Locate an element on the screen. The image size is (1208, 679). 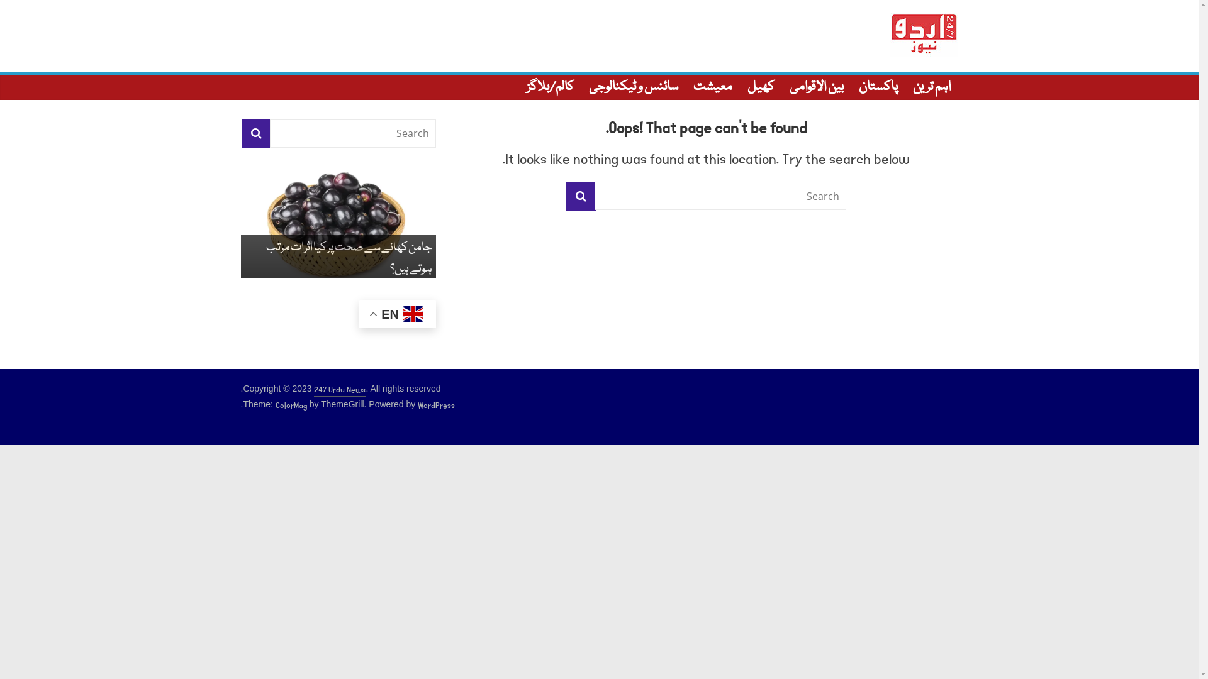
'WordPress' is located at coordinates (436, 406).